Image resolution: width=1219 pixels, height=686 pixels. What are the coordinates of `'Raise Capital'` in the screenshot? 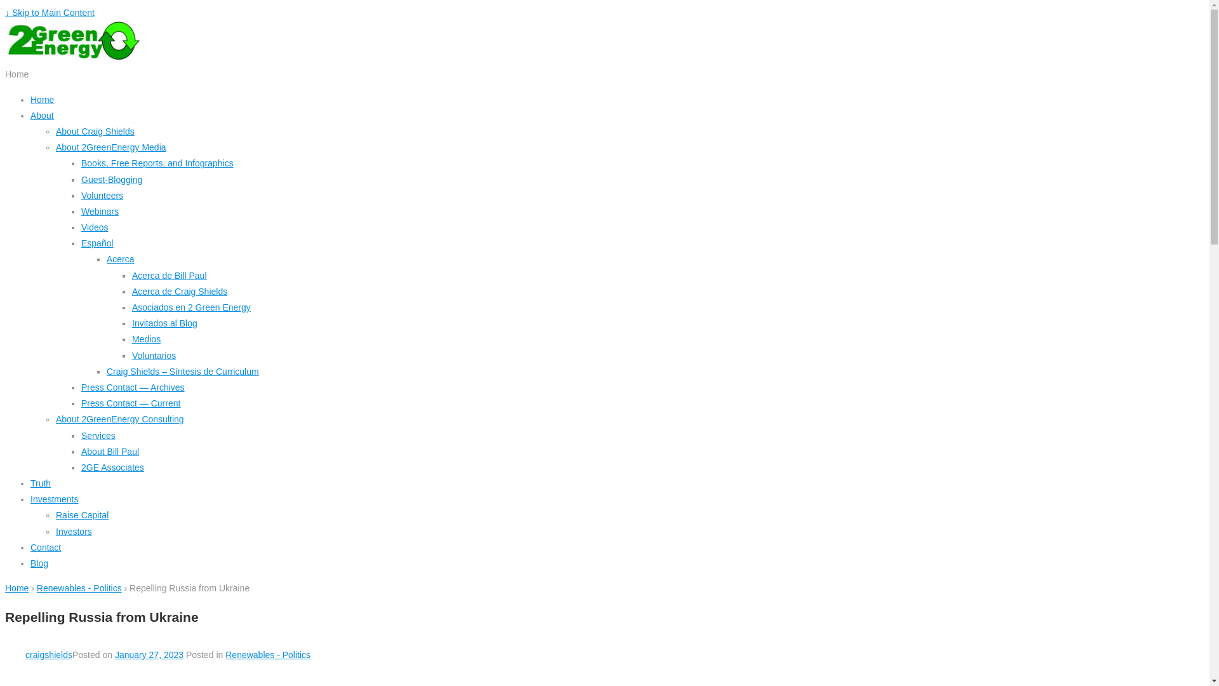 It's located at (81, 514).